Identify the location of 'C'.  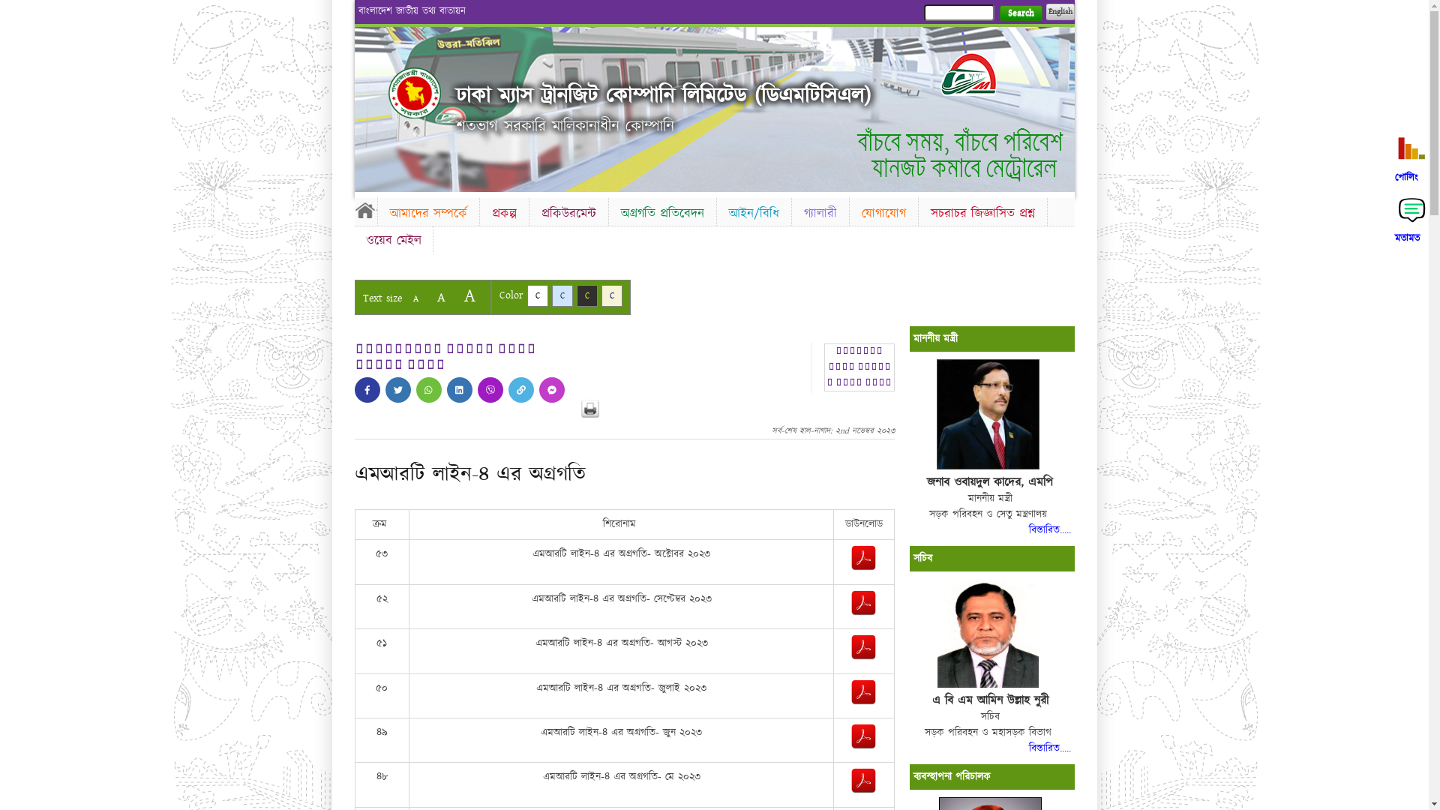
(536, 295).